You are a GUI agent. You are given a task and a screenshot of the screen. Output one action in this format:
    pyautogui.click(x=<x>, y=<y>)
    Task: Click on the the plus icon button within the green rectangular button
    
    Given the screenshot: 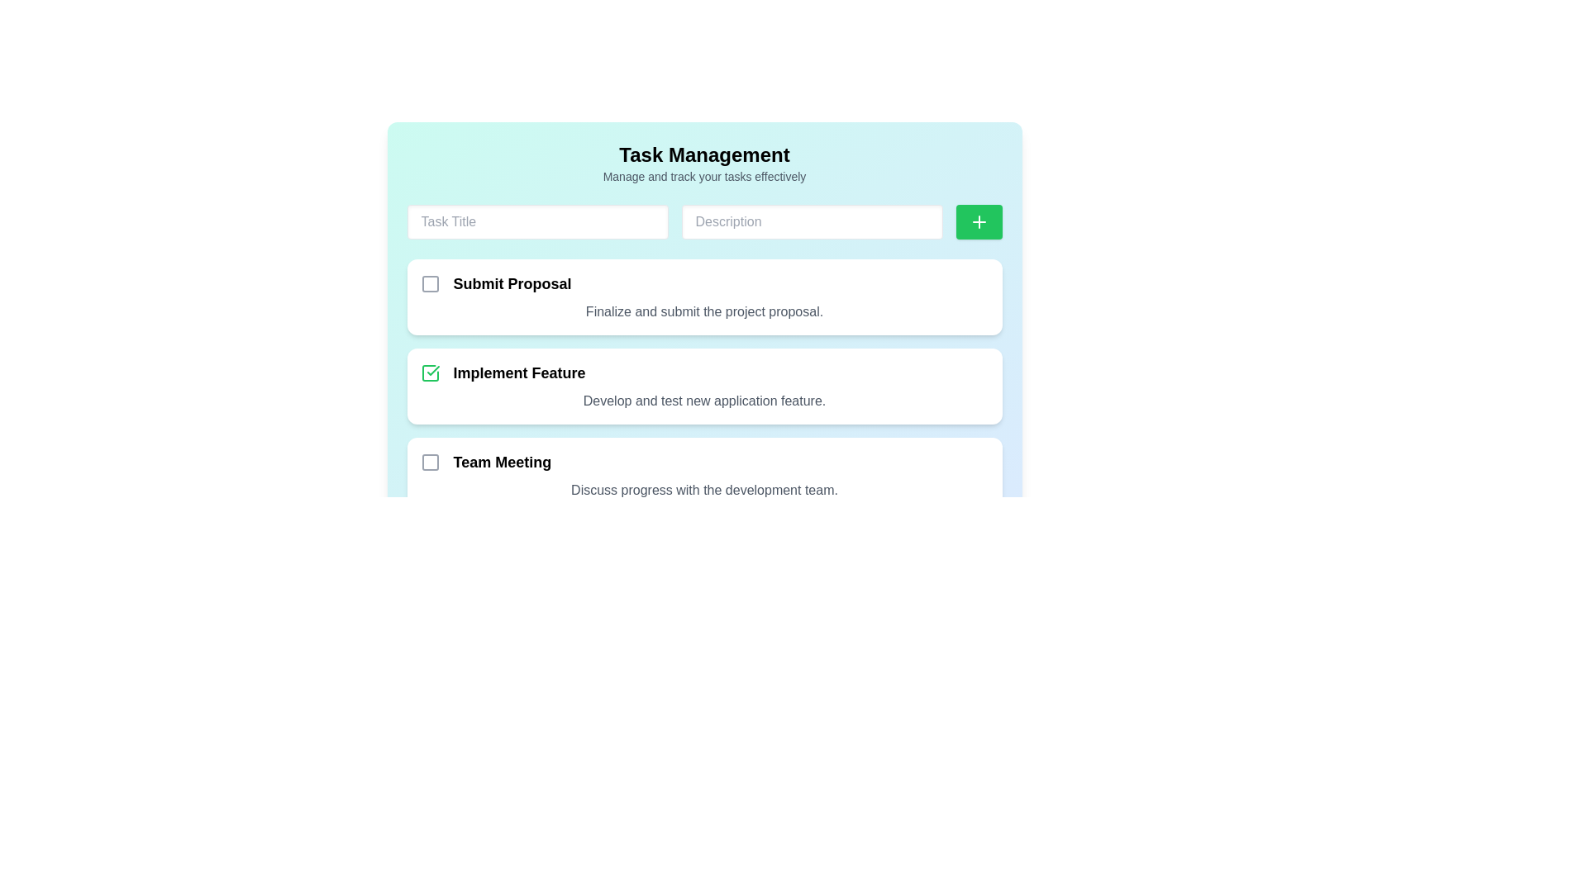 What is the action you would take?
    pyautogui.click(x=979, y=221)
    